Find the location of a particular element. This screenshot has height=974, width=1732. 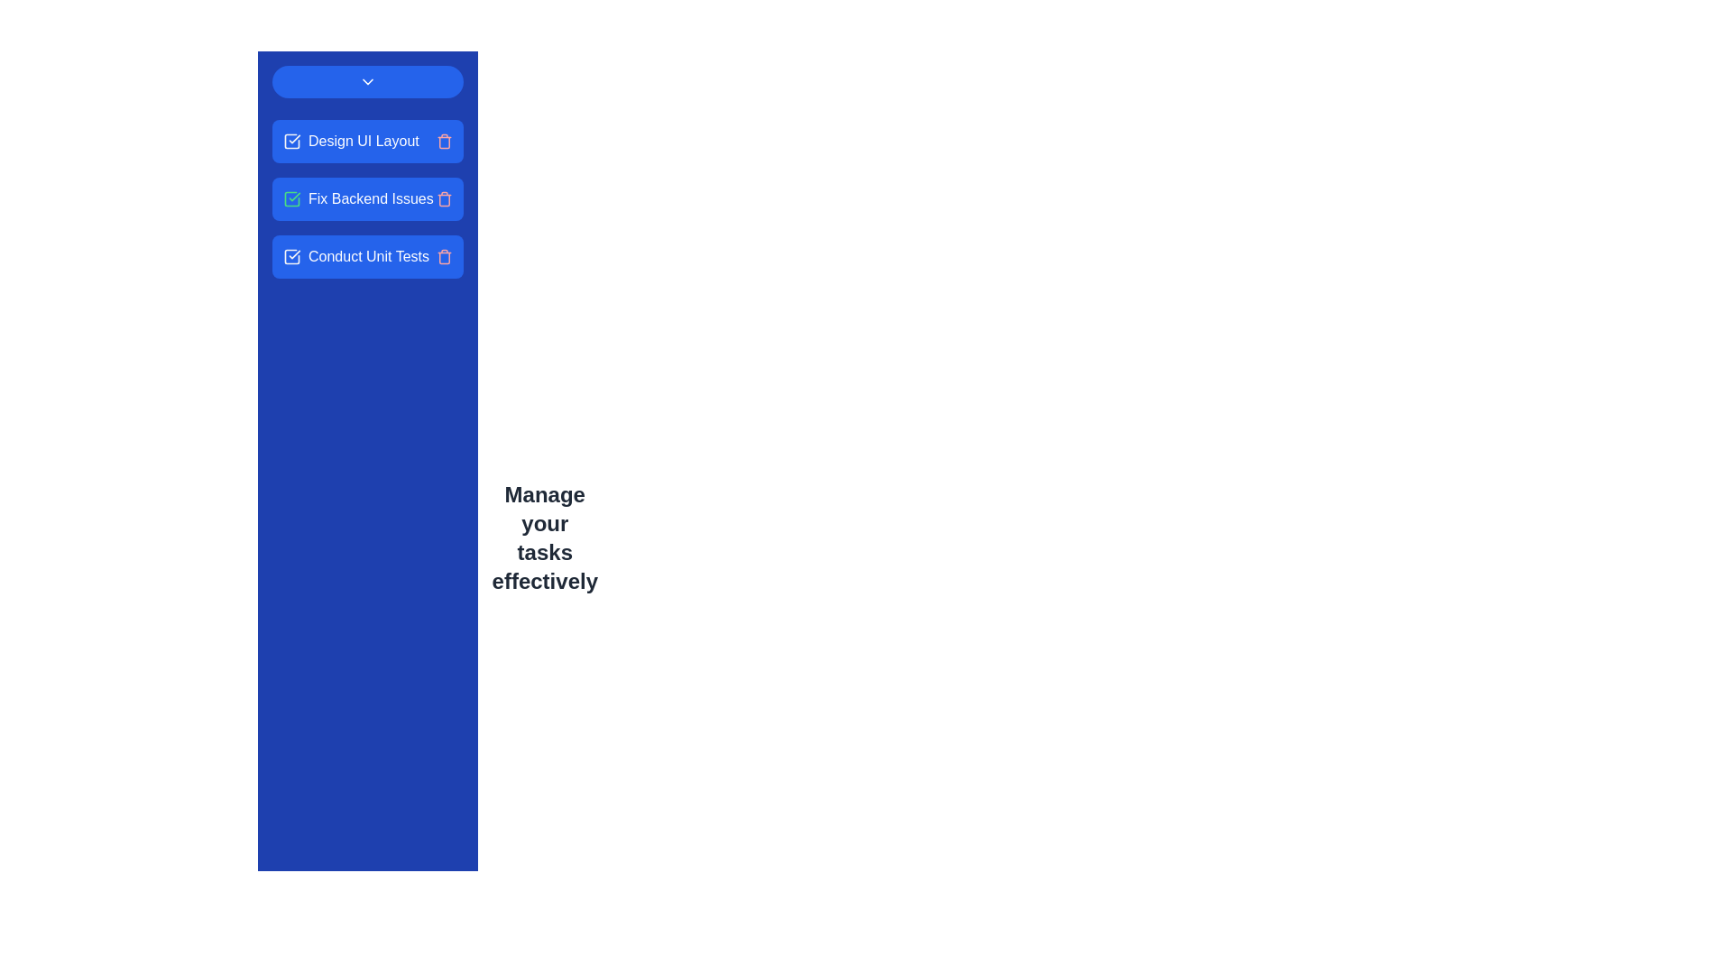

the 'Design UI Layout' label with the checkbox is located at coordinates (351, 141).